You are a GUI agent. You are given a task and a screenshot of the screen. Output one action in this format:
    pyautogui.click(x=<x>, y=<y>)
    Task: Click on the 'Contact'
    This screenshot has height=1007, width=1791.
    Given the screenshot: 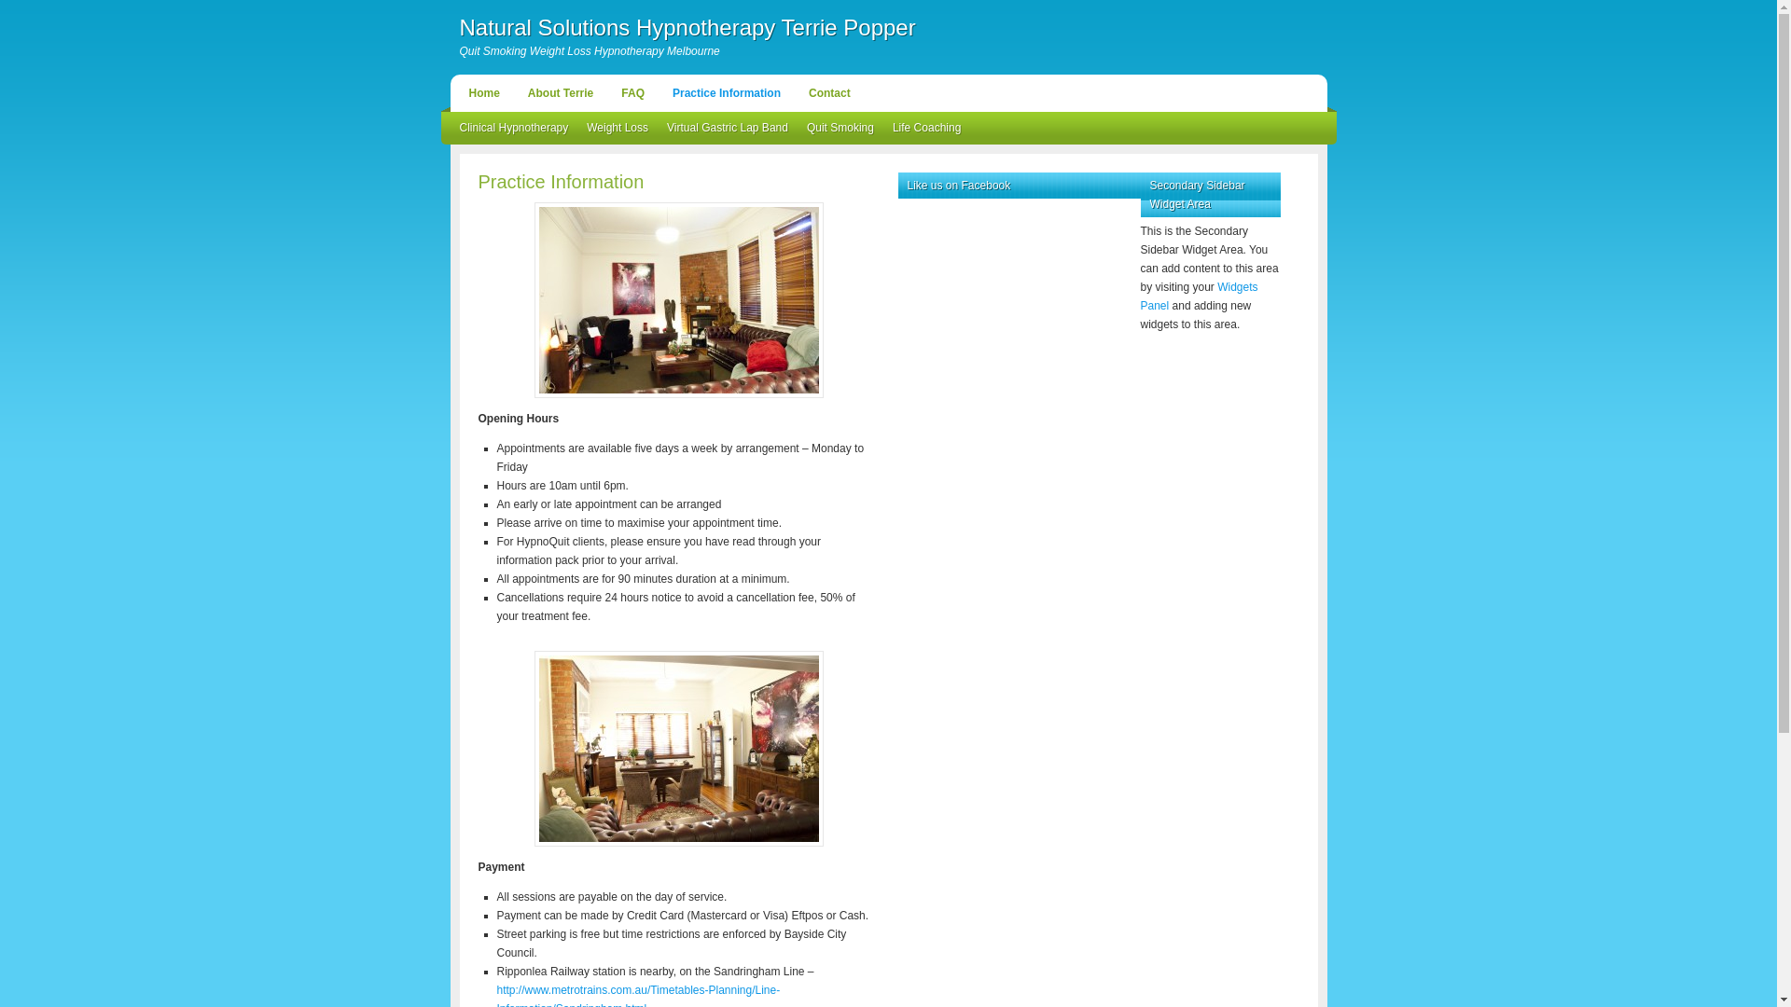 What is the action you would take?
    pyautogui.click(x=828, y=93)
    